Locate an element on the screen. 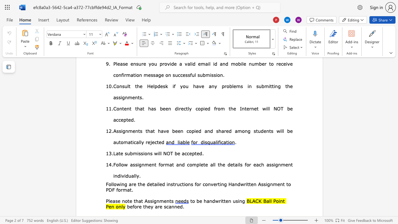  the 1th character "p" in the text is located at coordinates (193, 153).